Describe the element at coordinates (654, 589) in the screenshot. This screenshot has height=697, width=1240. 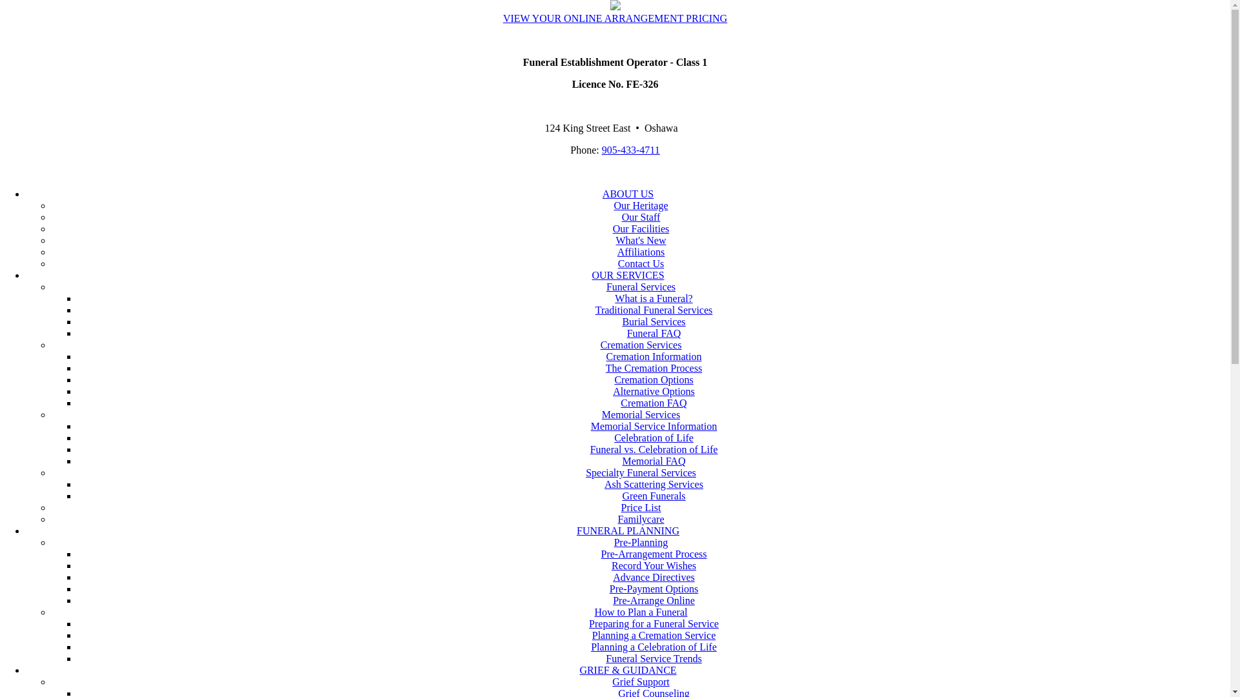
I see `'Pre-Payment Options'` at that location.